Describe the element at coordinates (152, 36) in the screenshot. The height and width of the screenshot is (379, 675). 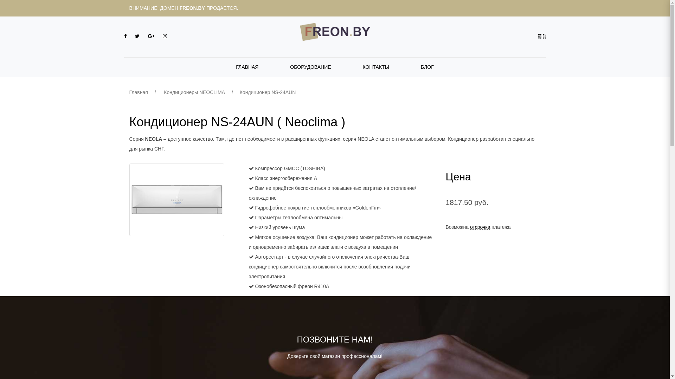
I see `'Google+'` at that location.